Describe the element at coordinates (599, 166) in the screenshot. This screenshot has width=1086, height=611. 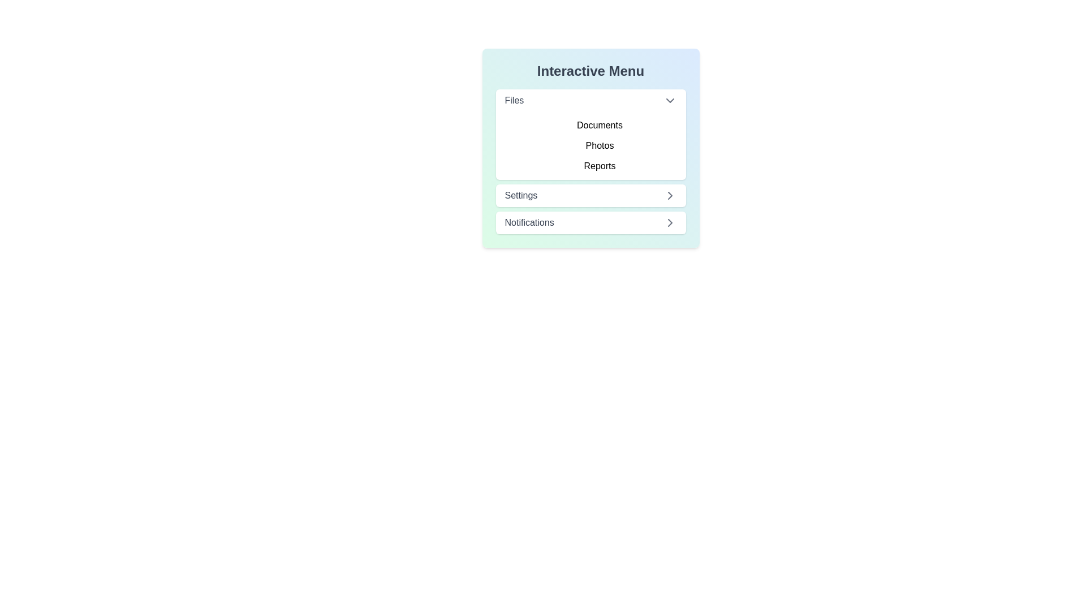
I see `the 'Reports' text label, which is the third item in a vertical list of options within the 'Files' dropdown menu` at that location.